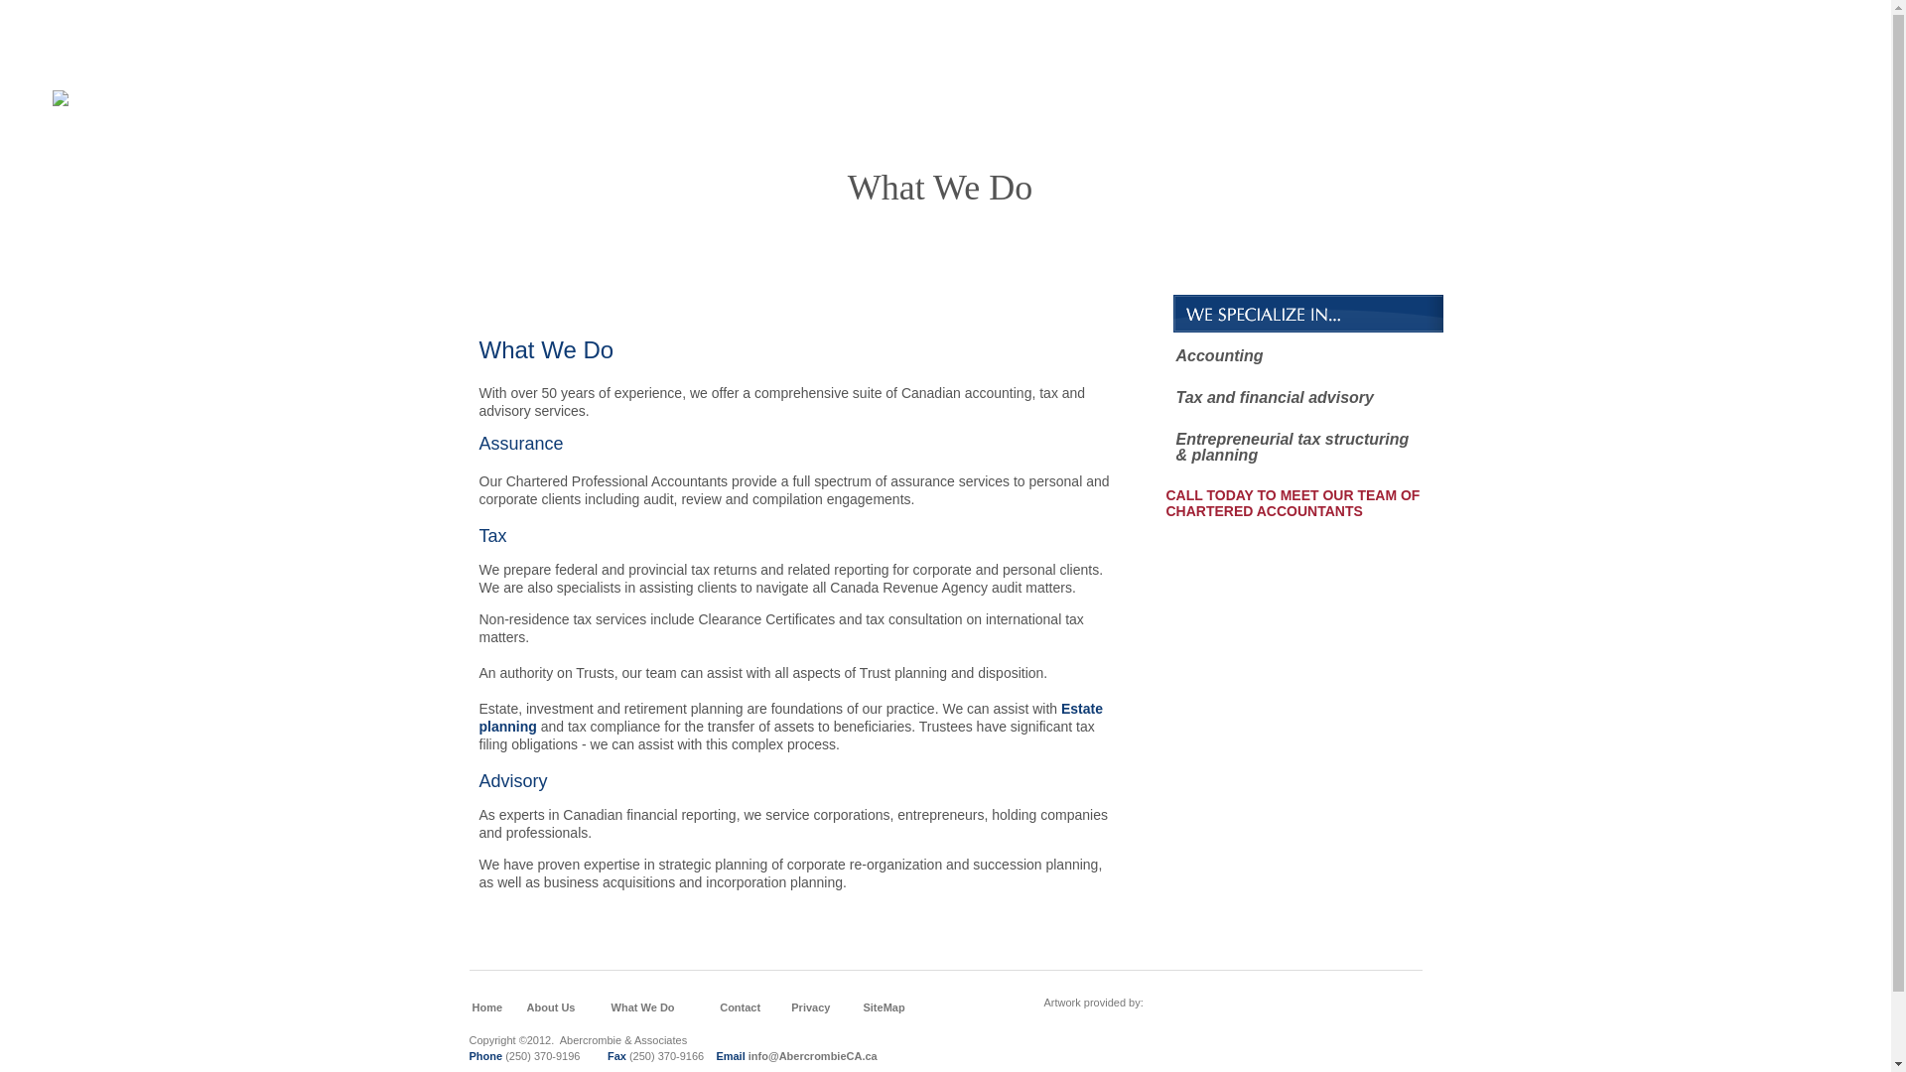 This screenshot has height=1072, width=1906. I want to click on 'Privacy', so click(789, 1006).